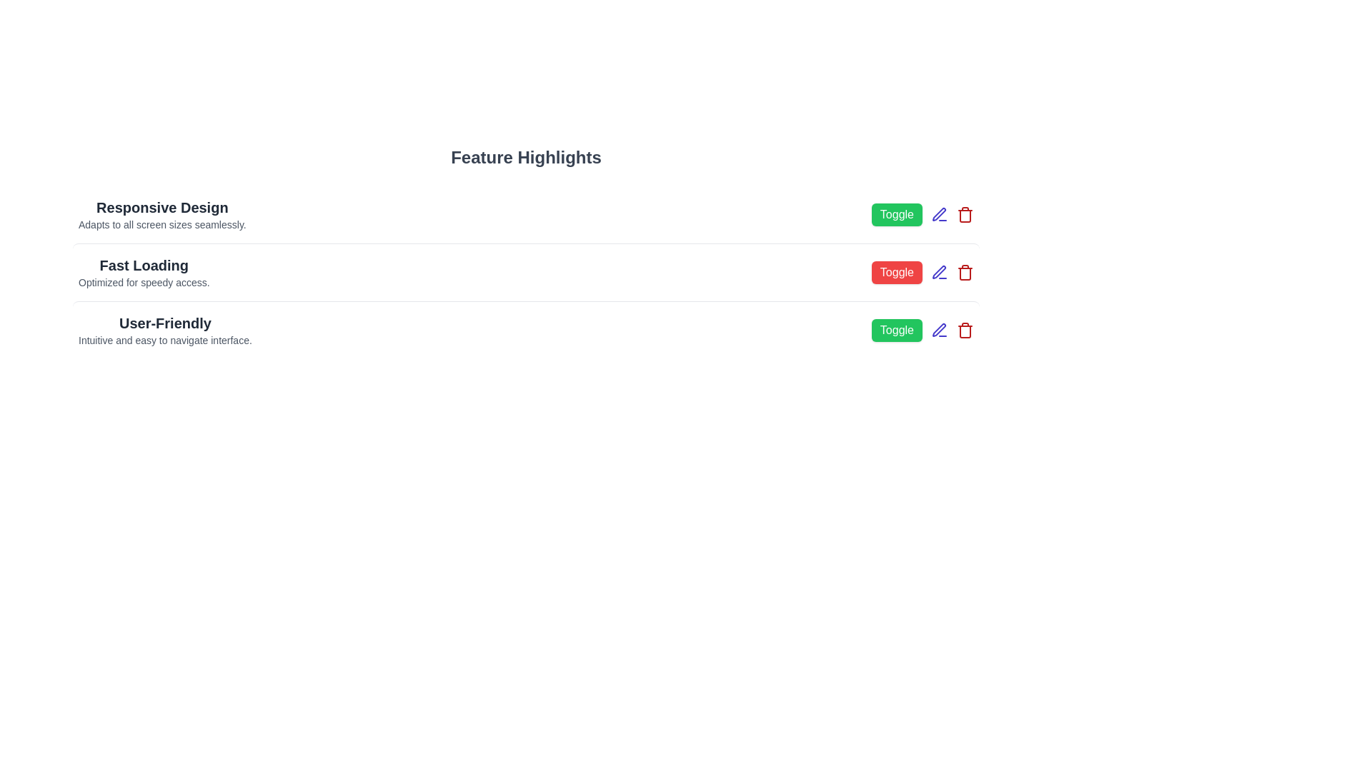 The image size is (1372, 771). What do you see at coordinates (895, 330) in the screenshot?
I see `the 'Toggle' button next to the feature with name User-Friendly` at bounding box center [895, 330].